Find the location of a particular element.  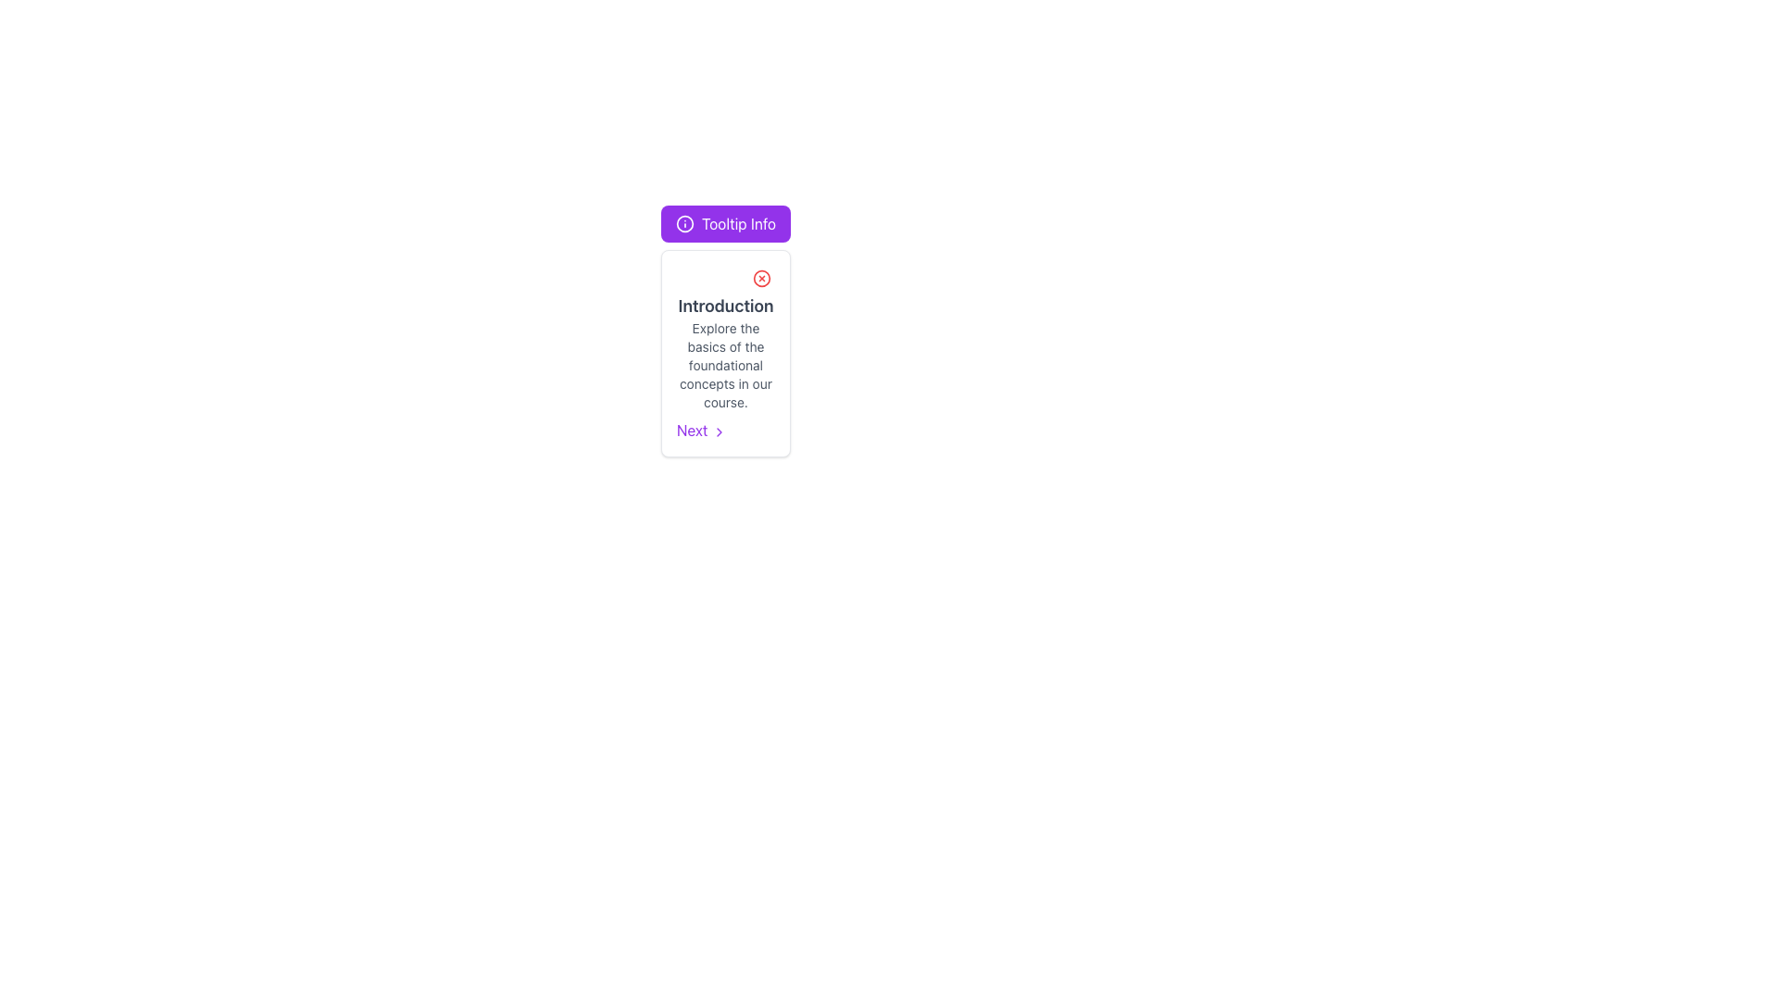

the 'Tooltip Info' button with a purple background and white text, which includes an information icon is located at coordinates (724, 223).